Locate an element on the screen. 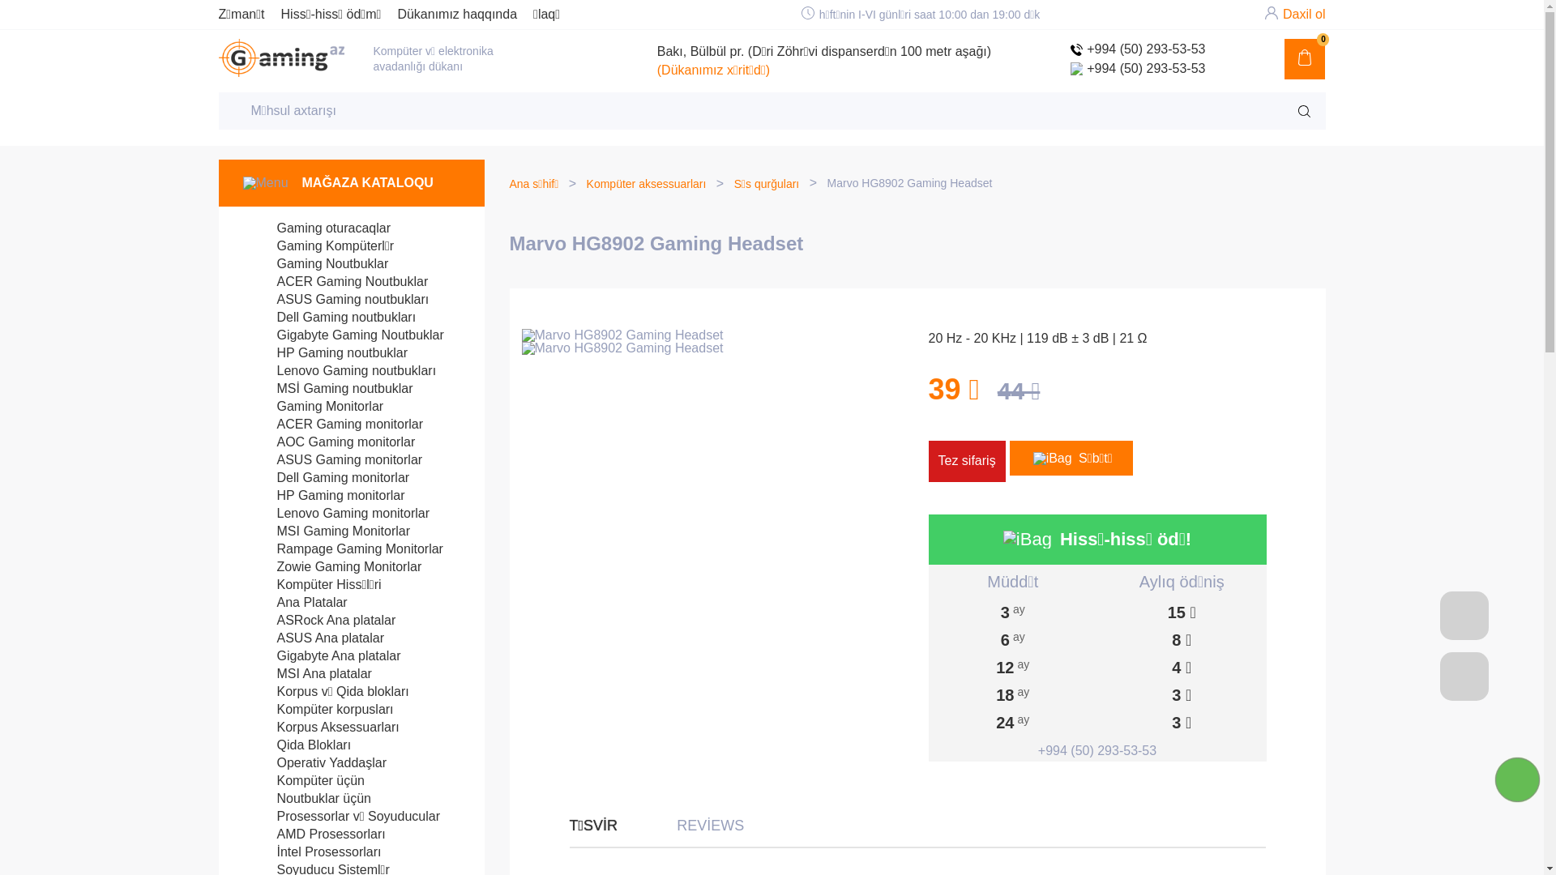 The image size is (1556, 875). 'MSI Gaming Monitorlar' is located at coordinates (326, 531).